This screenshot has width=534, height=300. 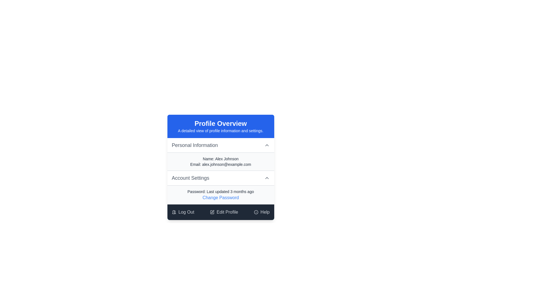 I want to click on the static text element that serves as a header or title, positioned above the text 'A detailed view of profile information and settings.', so click(x=220, y=123).